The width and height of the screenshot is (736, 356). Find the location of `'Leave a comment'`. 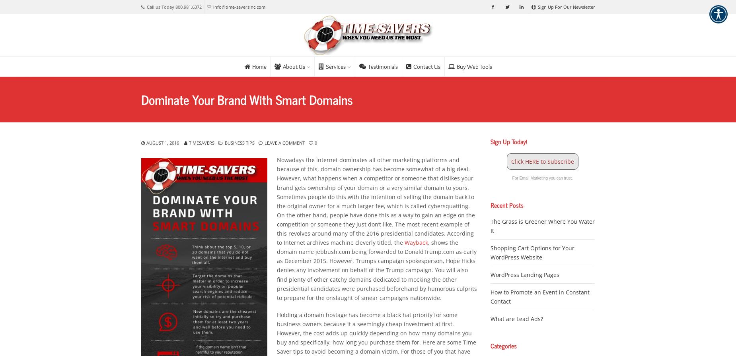

'Leave a comment' is located at coordinates (284, 143).